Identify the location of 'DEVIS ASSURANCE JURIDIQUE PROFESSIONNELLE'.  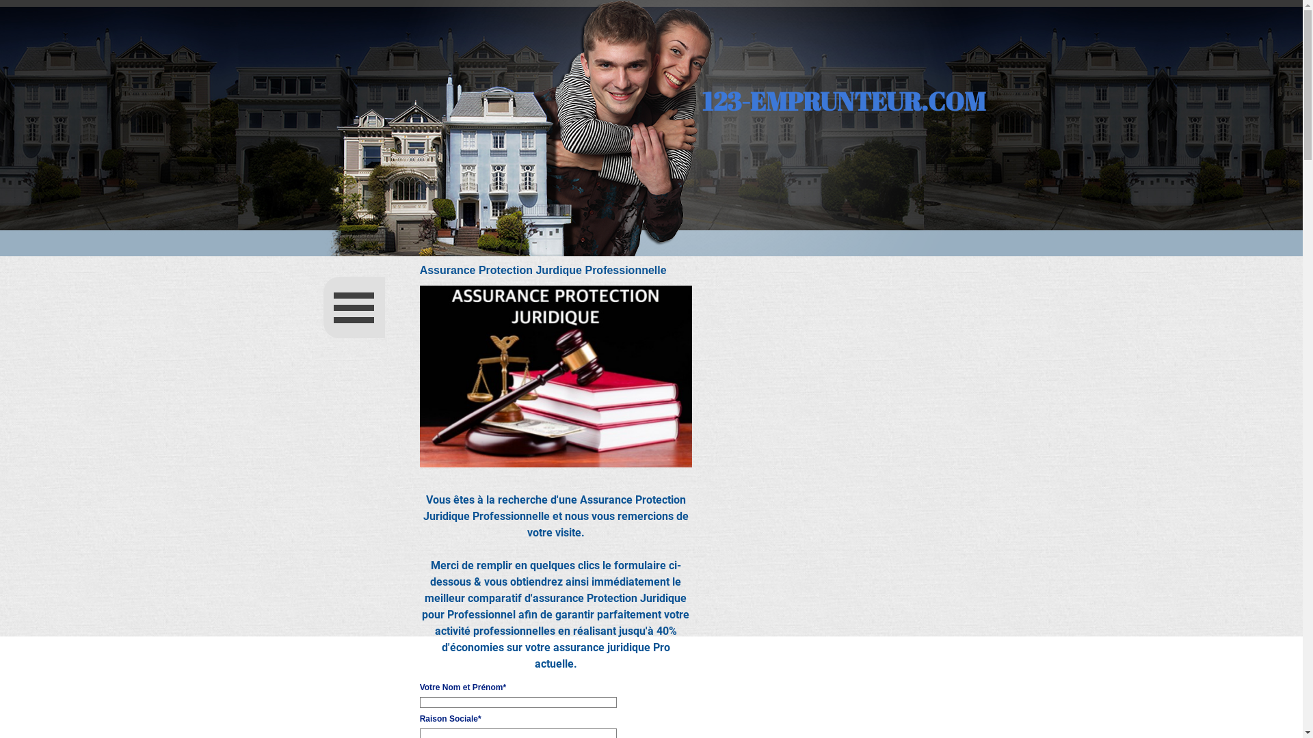
(555, 377).